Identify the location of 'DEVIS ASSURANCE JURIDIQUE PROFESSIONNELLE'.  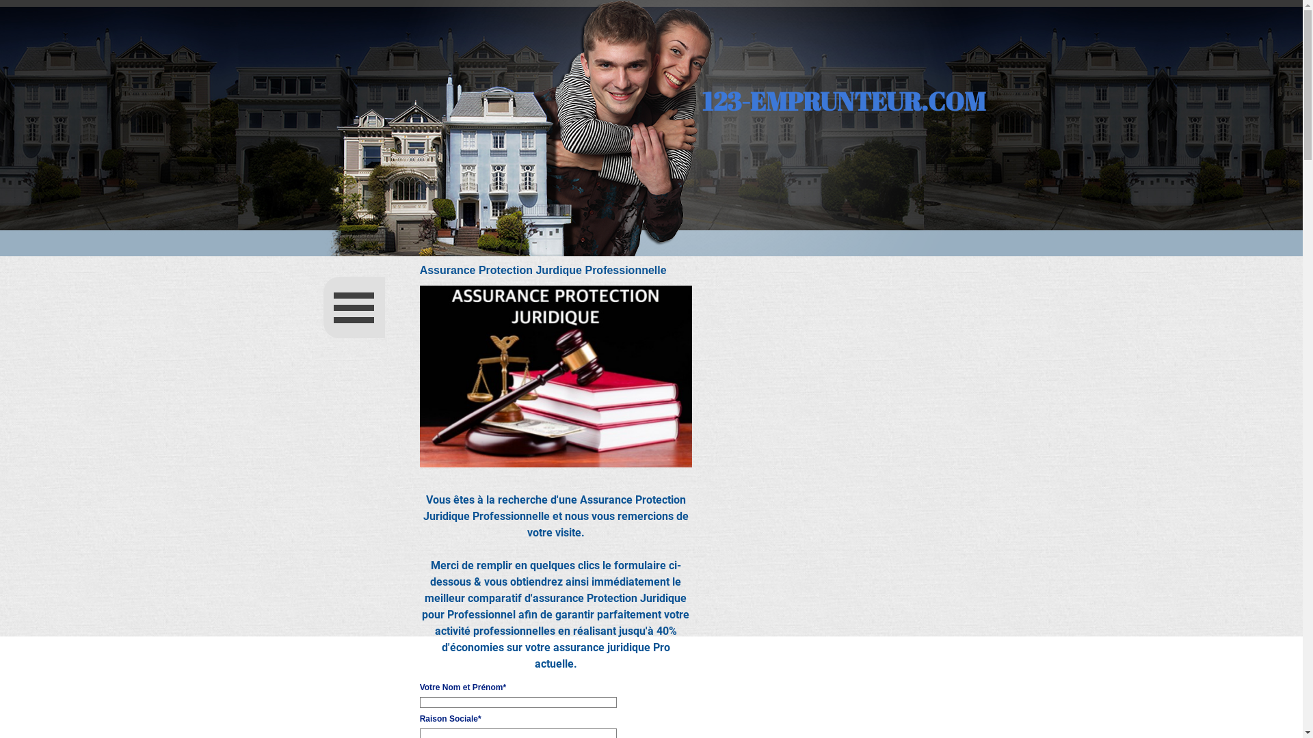
(555, 377).